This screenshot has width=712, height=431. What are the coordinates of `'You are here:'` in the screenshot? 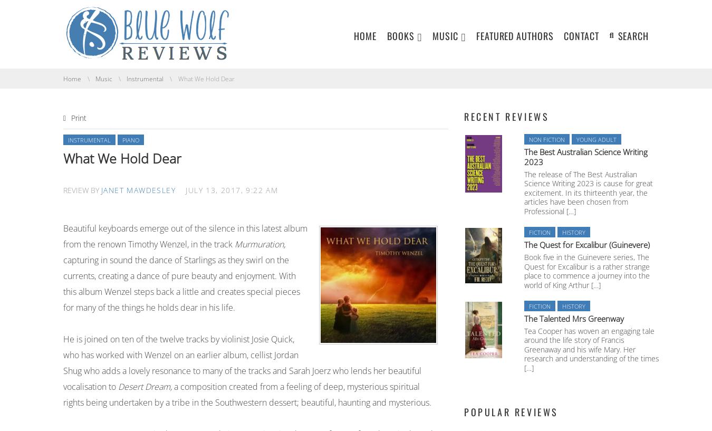 It's located at (82, 78).